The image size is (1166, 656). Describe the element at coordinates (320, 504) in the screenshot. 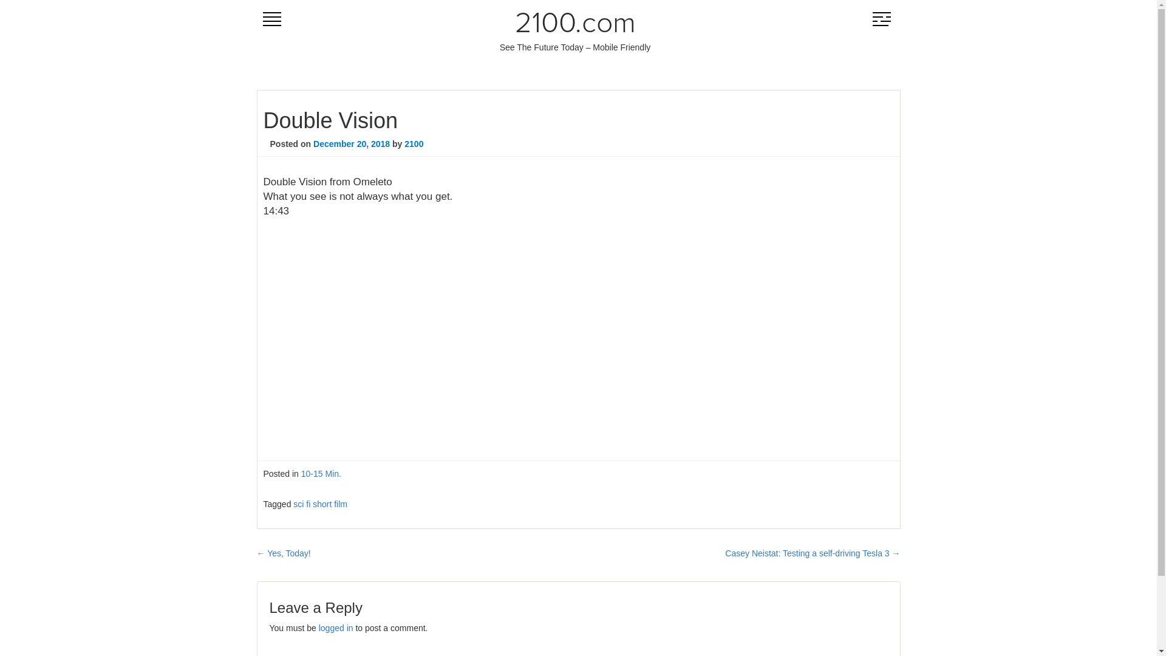

I see `'sci fi short film'` at that location.